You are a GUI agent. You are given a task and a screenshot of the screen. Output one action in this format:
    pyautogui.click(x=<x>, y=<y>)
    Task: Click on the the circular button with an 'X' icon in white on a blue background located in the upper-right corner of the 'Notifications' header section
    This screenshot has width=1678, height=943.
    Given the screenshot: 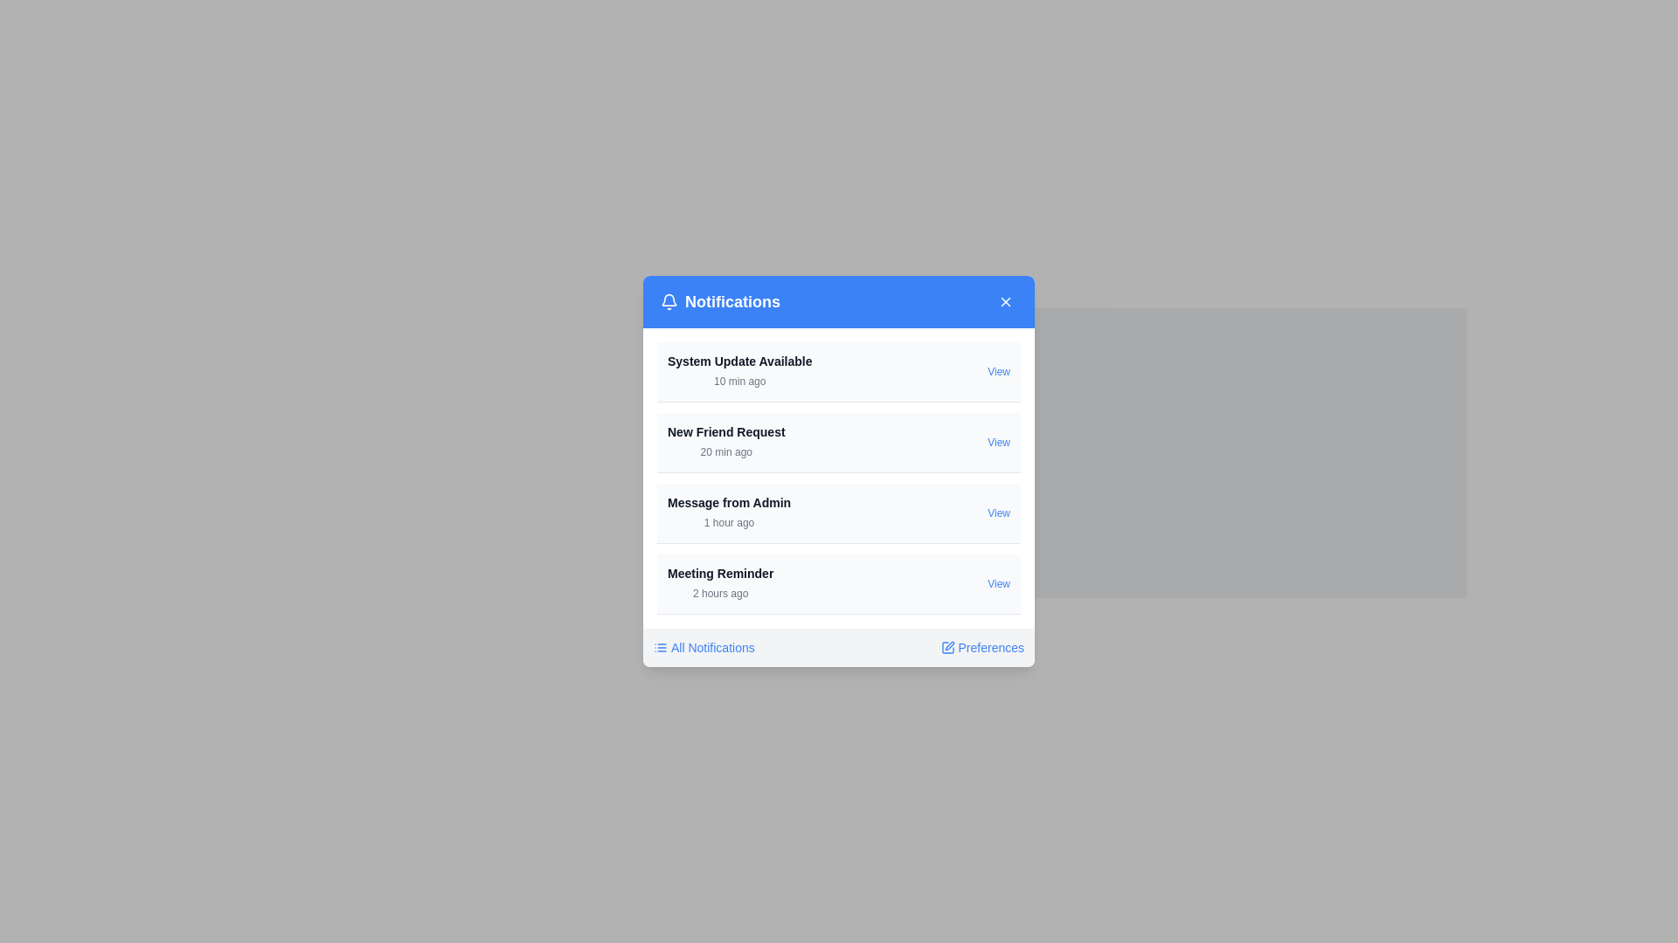 What is the action you would take?
    pyautogui.click(x=1006, y=301)
    